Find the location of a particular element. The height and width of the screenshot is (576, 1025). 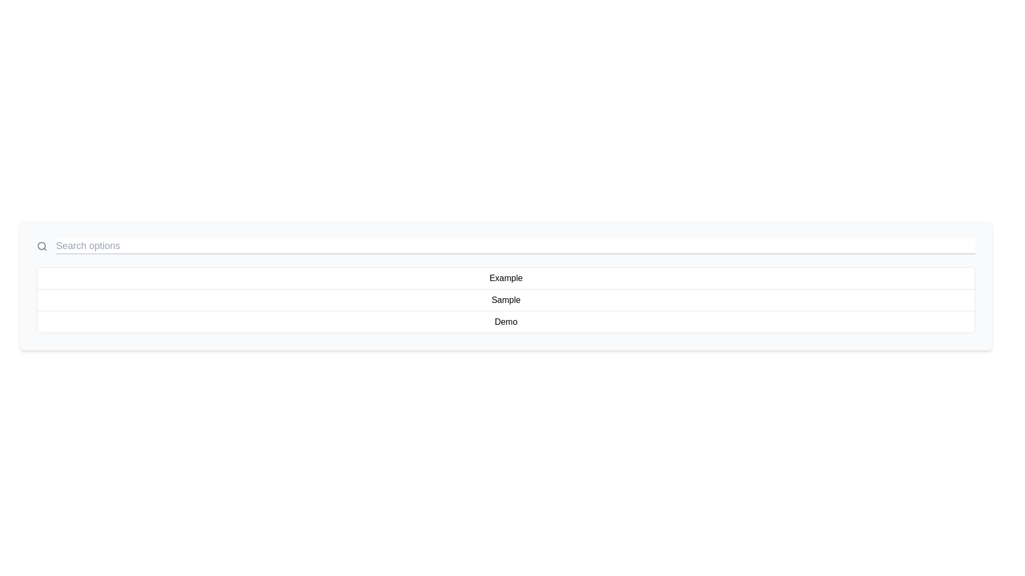

the text input field with placeholder text 'Search options' by is located at coordinates (515, 246).